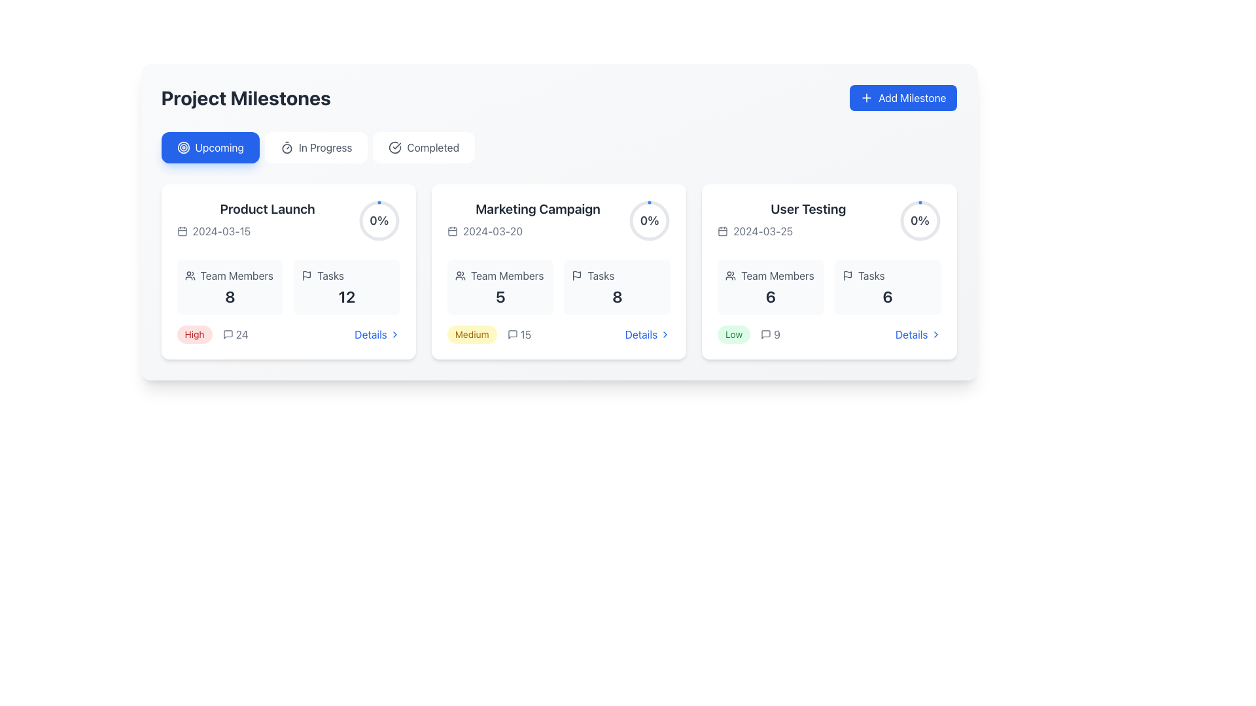 The width and height of the screenshot is (1256, 706). I want to click on the speech bubble icon located within the 'Marketing Campaign' milestone card, which is adjacent to the numerical indicator showing '15', so click(512, 334).